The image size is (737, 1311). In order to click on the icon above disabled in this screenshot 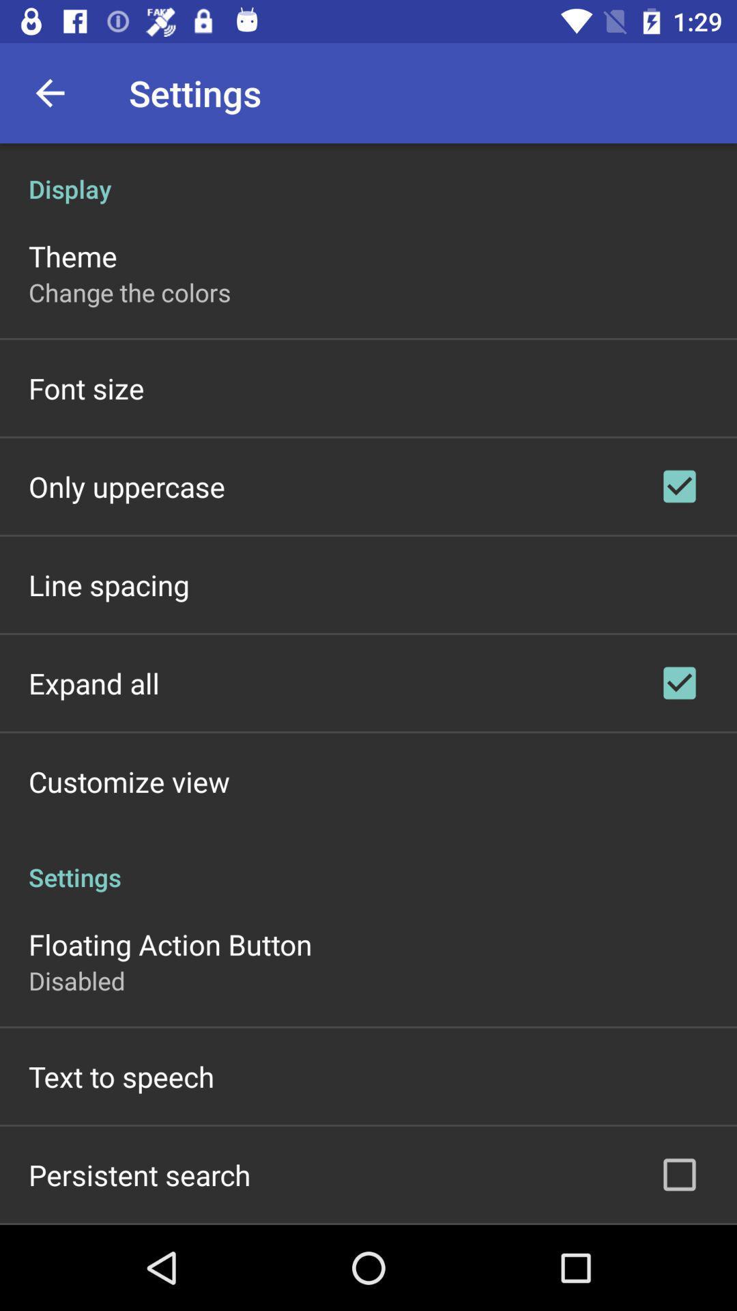, I will do `click(169, 943)`.